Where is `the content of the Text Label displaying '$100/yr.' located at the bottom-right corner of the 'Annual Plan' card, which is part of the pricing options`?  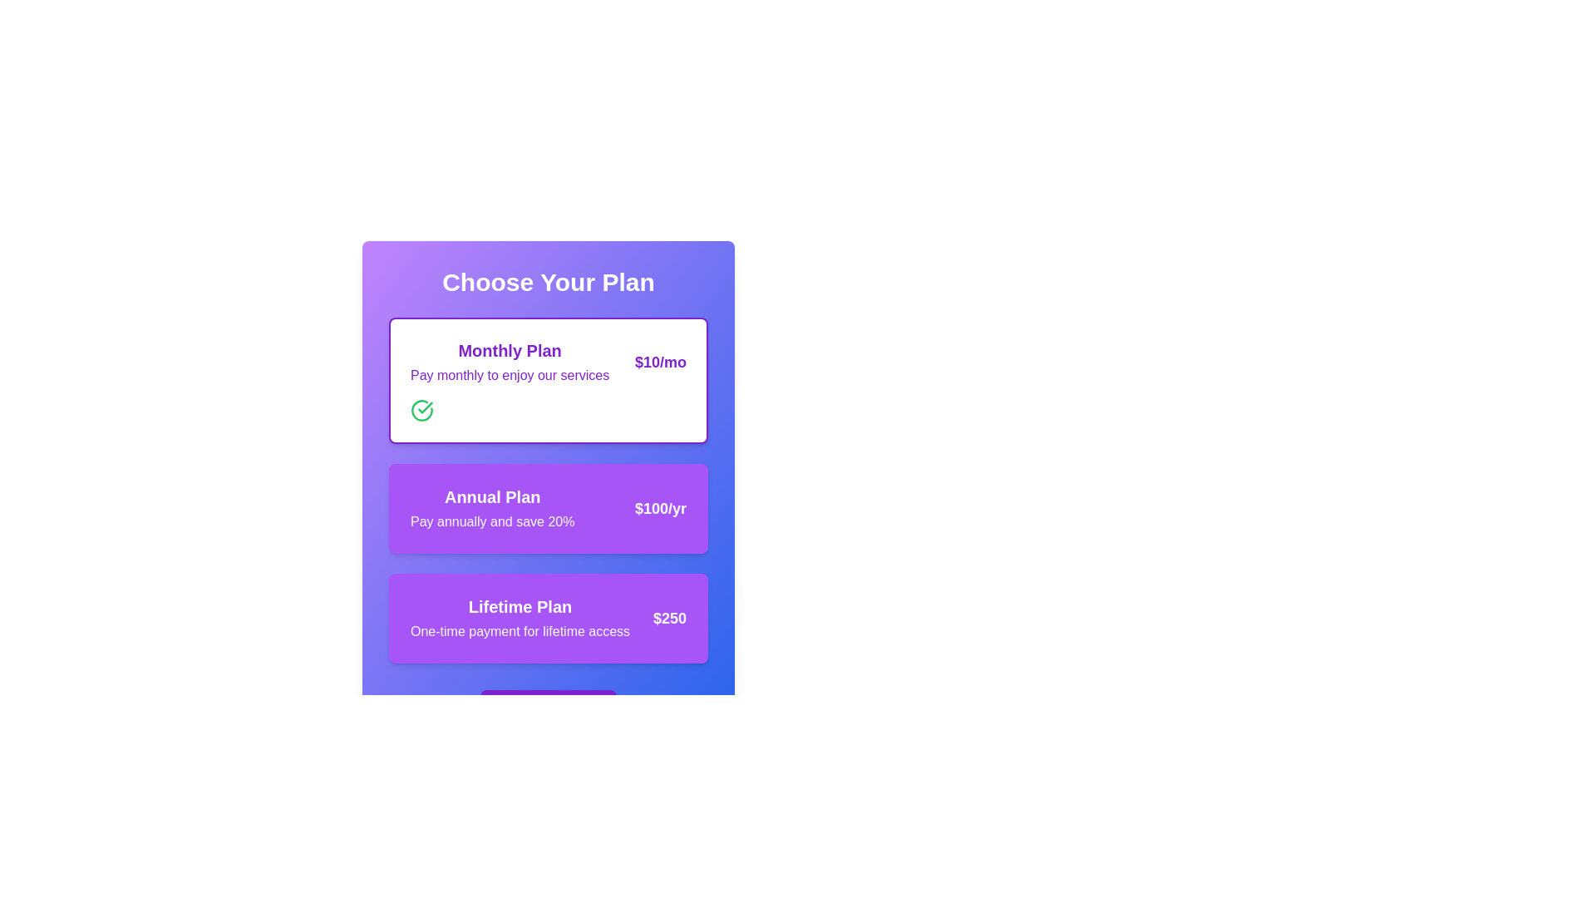
the content of the Text Label displaying '$100/yr.' located at the bottom-right corner of the 'Annual Plan' card, which is part of the pricing options is located at coordinates (659, 508).